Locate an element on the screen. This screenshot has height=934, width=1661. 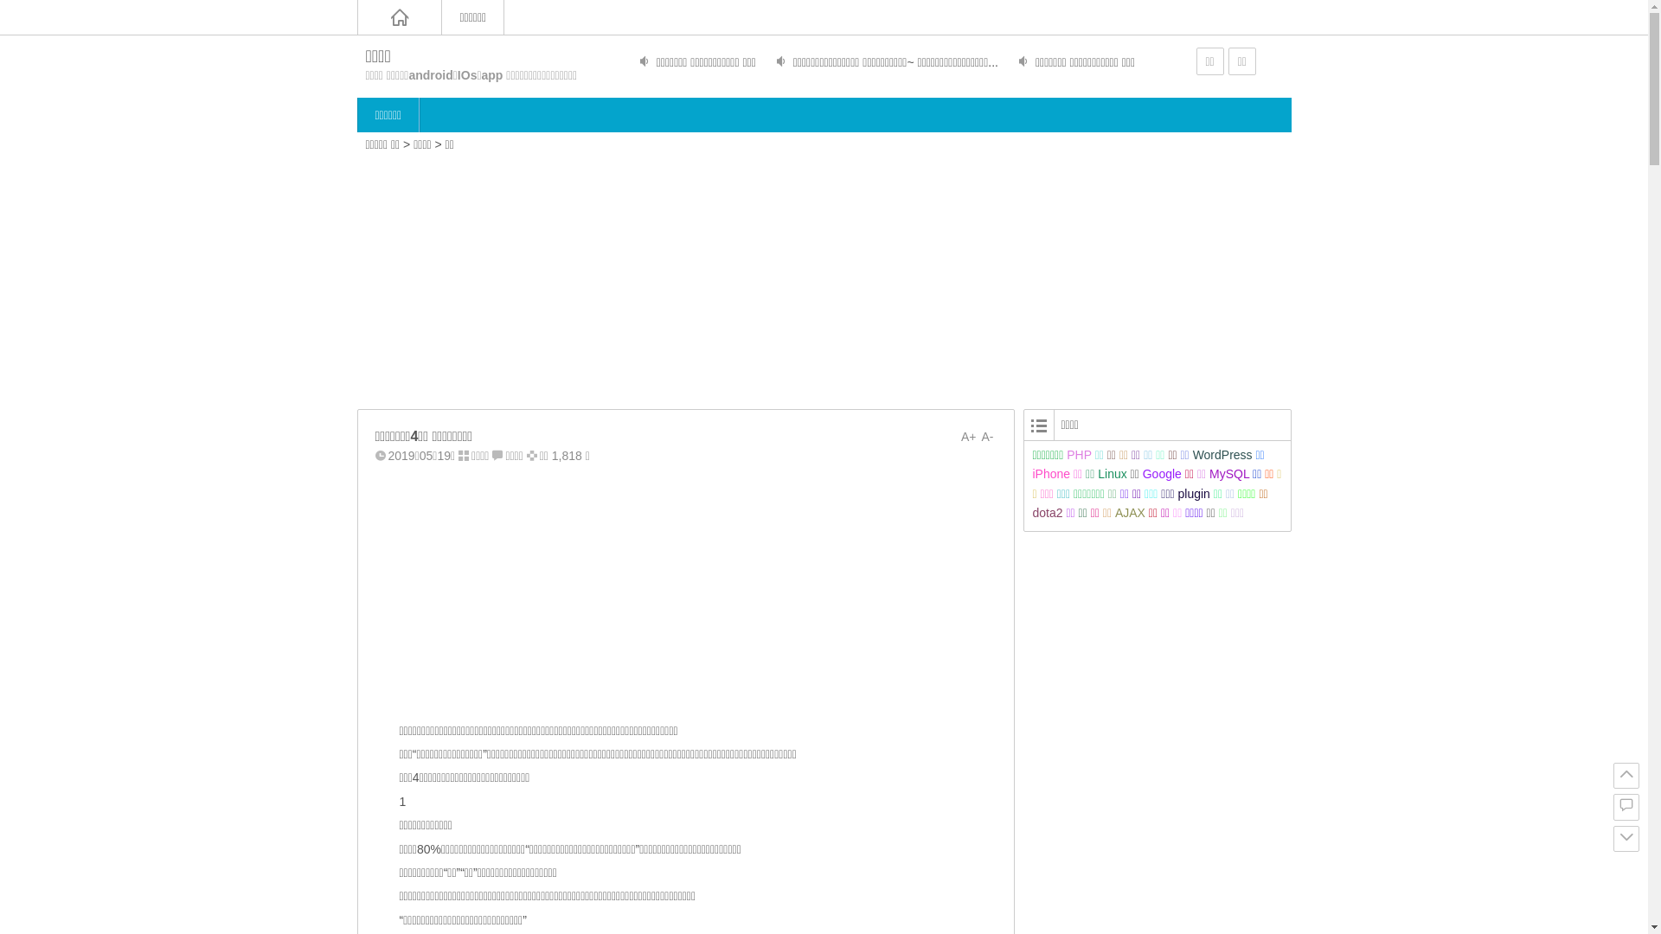
'Linux' is located at coordinates (1112, 473).